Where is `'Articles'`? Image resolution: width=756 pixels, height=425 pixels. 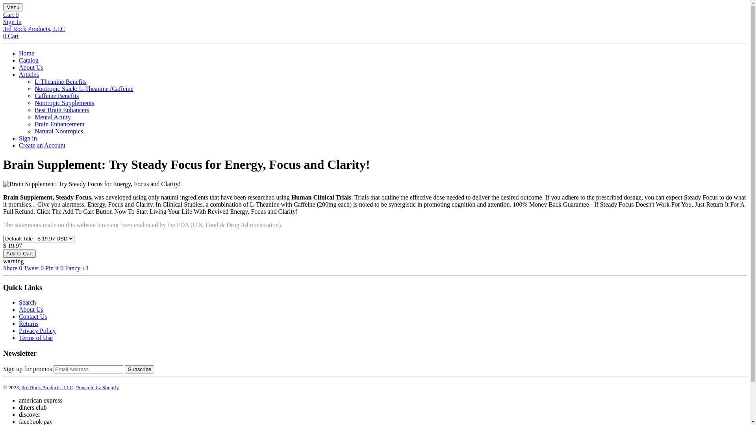 'Articles' is located at coordinates (29, 74).